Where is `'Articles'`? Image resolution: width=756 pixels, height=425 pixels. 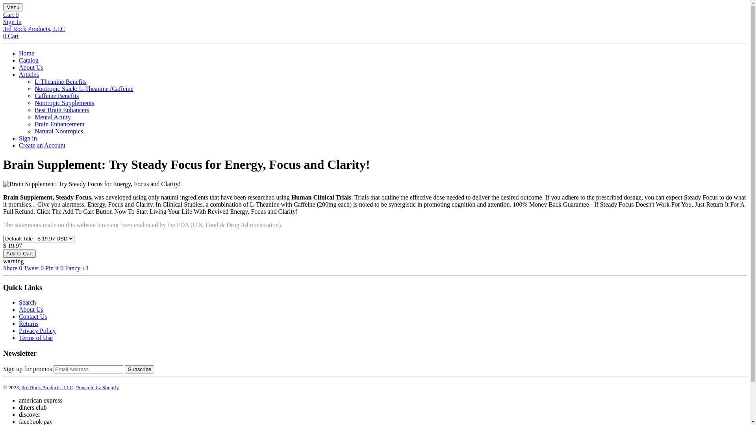 'Articles' is located at coordinates (29, 74).